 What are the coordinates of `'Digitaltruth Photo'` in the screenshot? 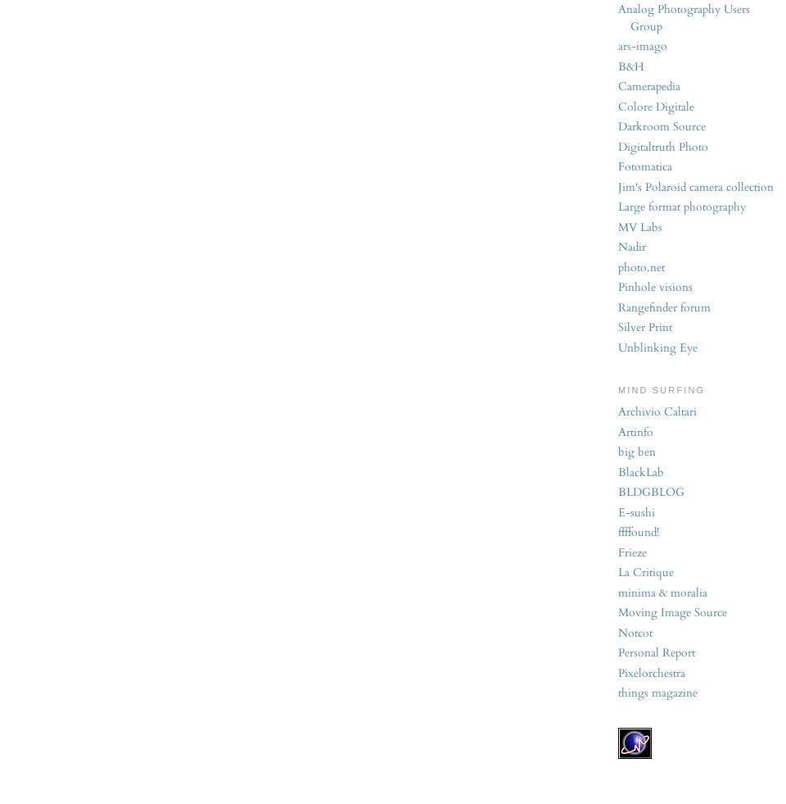 It's located at (663, 145).